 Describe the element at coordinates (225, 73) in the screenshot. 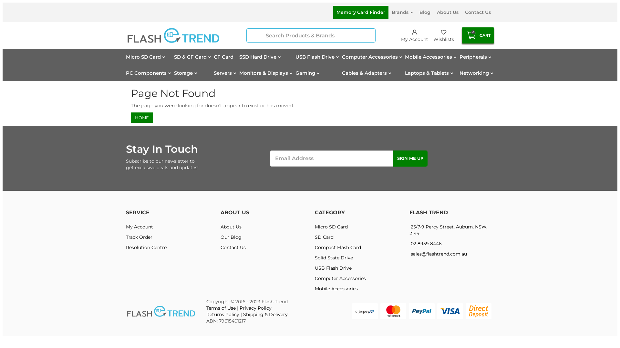

I see `'Servers'` at that location.